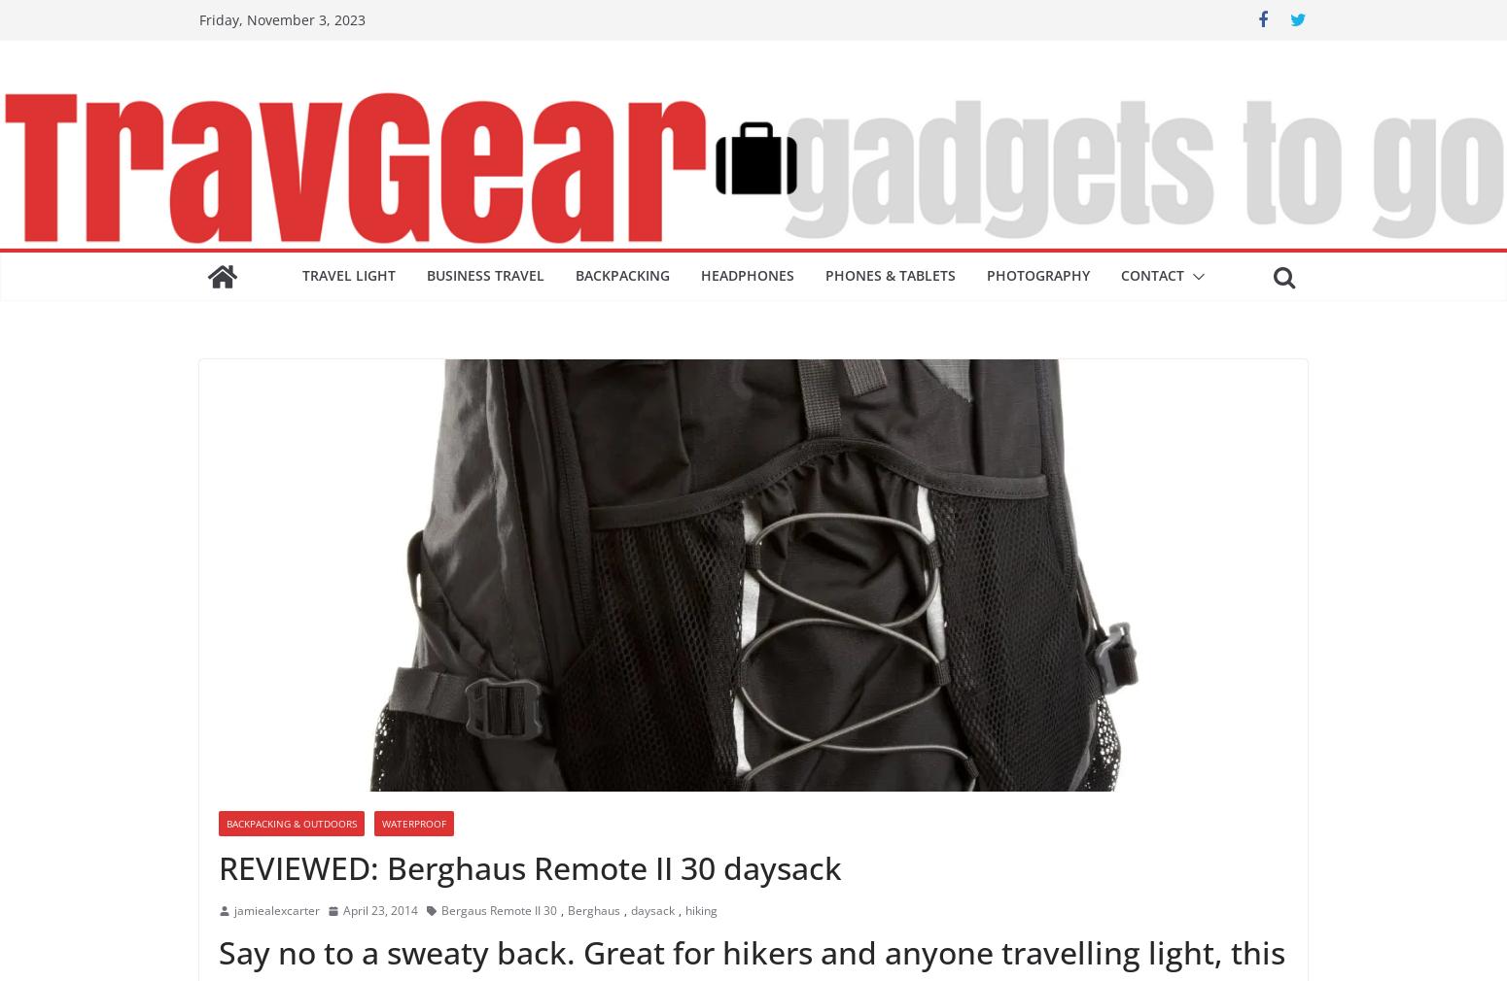 Image resolution: width=1507 pixels, height=981 pixels. Describe the element at coordinates (380, 909) in the screenshot. I see `'April 23, 2014'` at that location.